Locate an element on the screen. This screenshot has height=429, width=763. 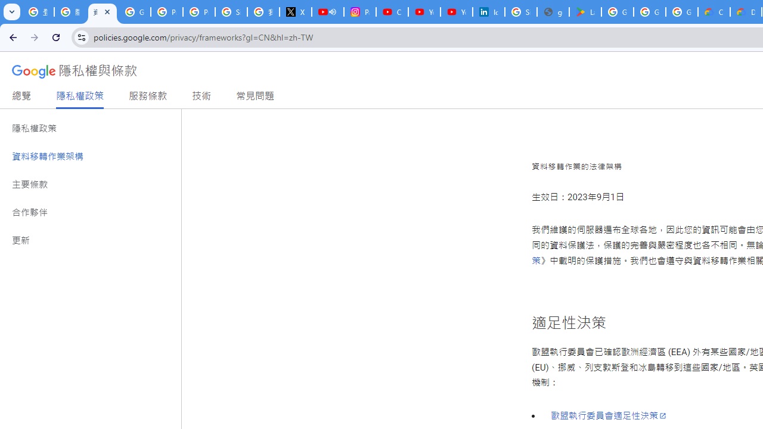
'X' is located at coordinates (296, 12).